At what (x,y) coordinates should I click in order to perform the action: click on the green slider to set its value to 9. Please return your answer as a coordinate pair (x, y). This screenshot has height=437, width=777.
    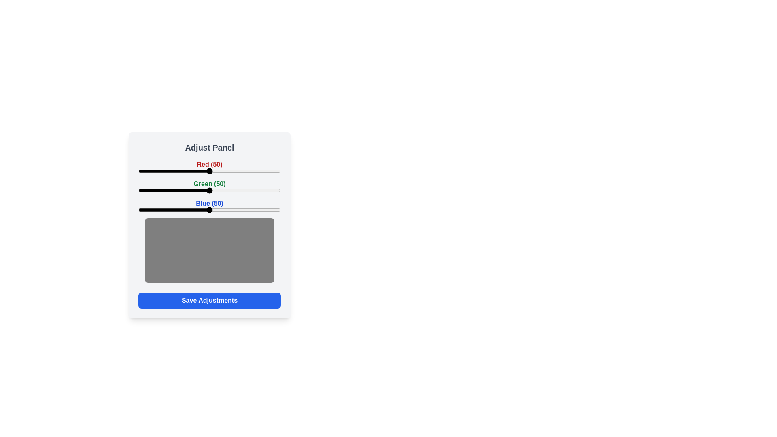
    Looking at the image, I should click on (151, 190).